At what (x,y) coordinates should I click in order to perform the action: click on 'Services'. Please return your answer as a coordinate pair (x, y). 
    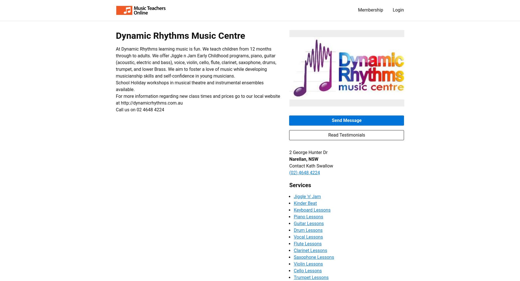
    Looking at the image, I should click on (300, 185).